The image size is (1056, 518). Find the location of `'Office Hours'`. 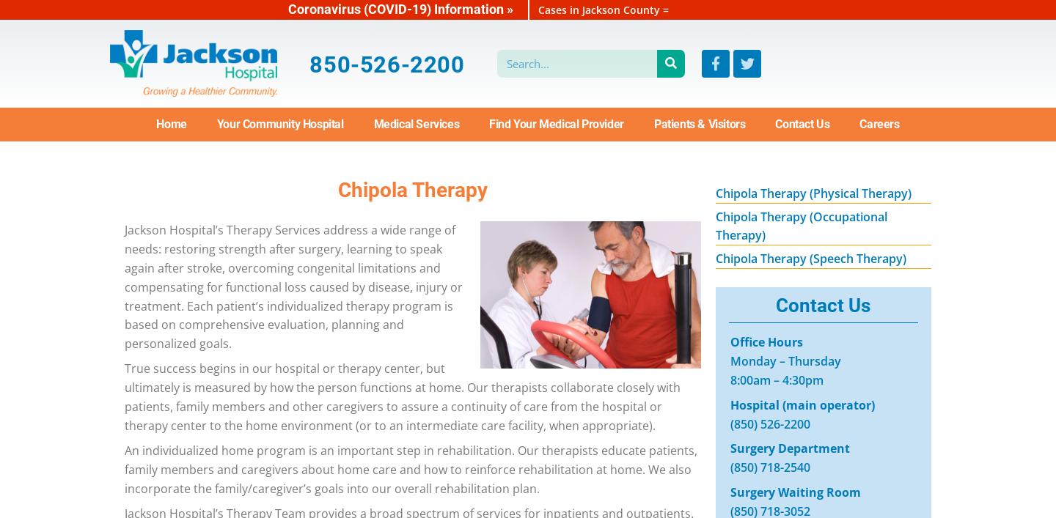

'Office Hours' is located at coordinates (766, 341).